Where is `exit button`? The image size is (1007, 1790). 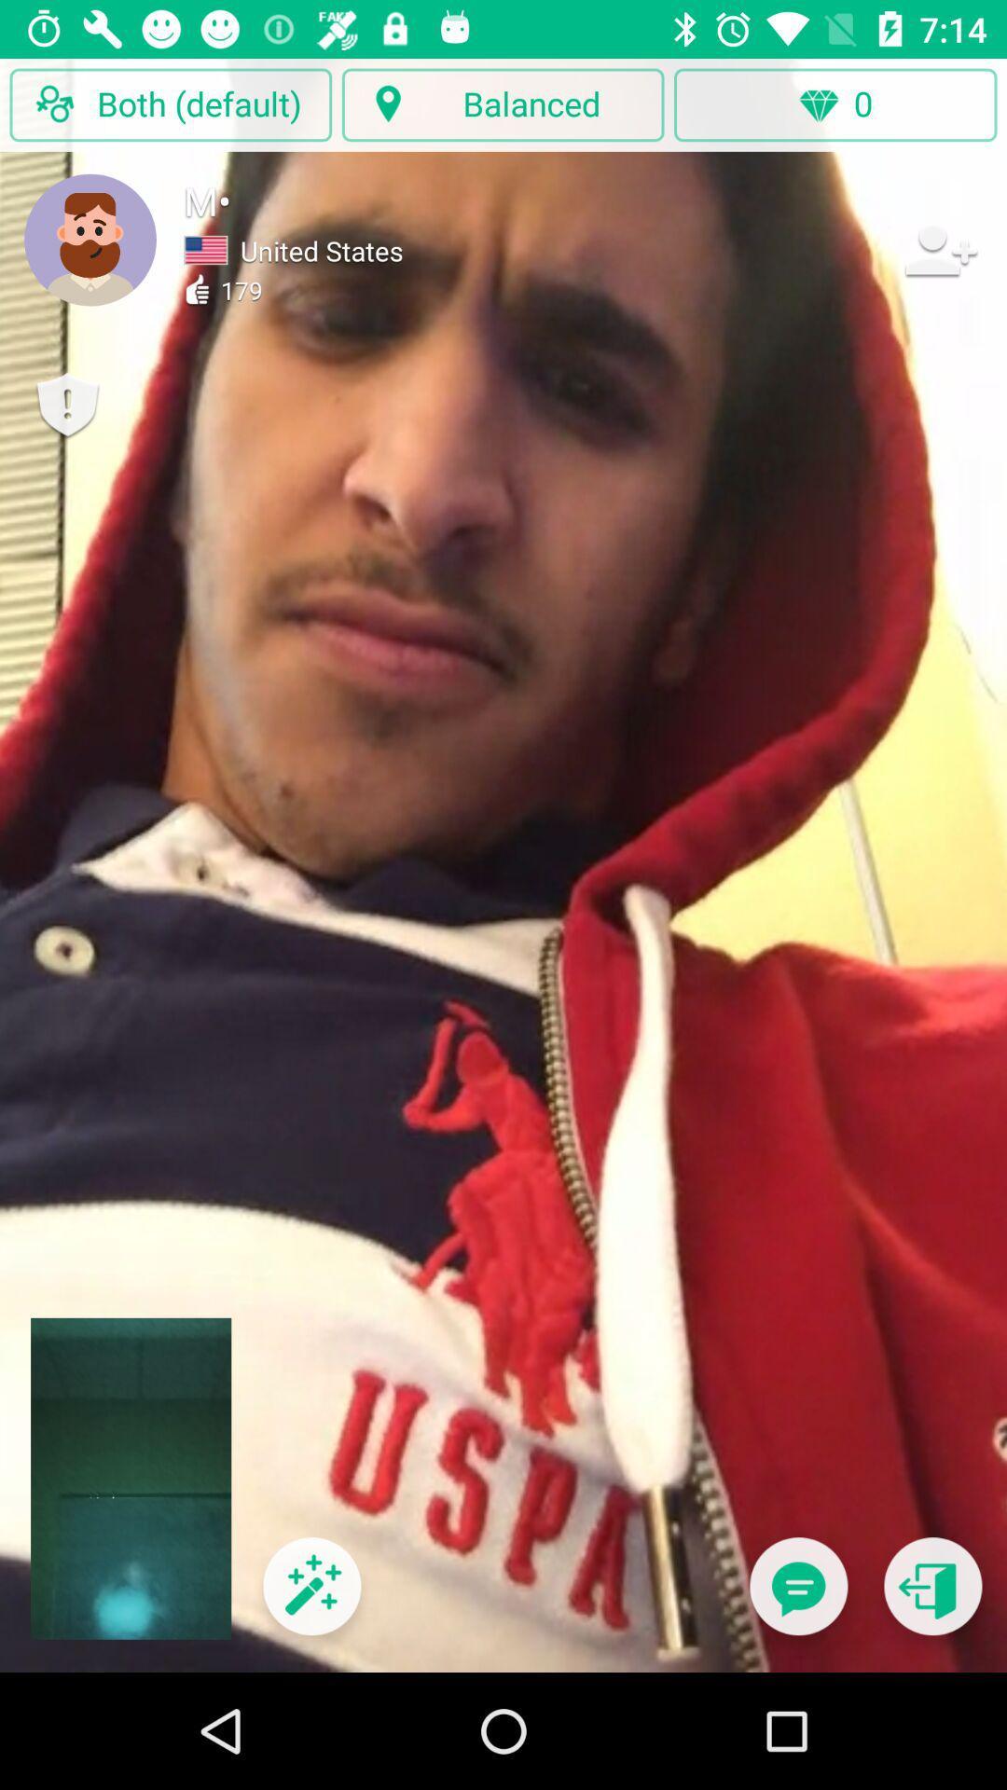 exit button is located at coordinates (932, 1597).